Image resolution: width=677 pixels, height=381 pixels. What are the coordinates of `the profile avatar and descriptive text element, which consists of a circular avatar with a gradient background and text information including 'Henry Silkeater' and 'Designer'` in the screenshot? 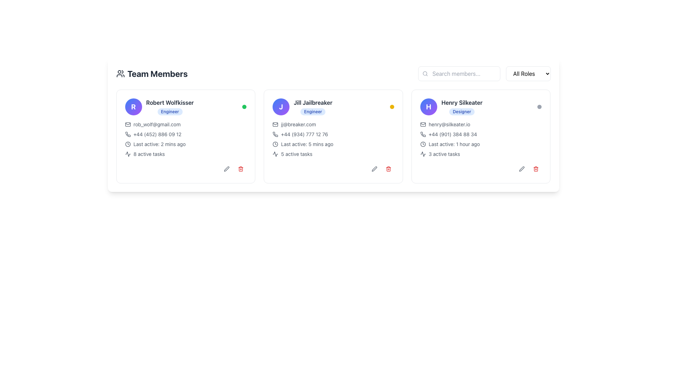 It's located at (451, 107).